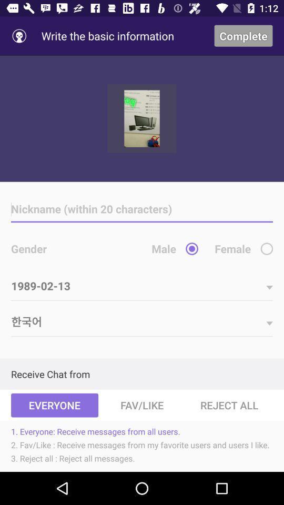 The image size is (284, 505). What do you see at coordinates (267, 249) in the screenshot?
I see `choose female gender` at bounding box center [267, 249].